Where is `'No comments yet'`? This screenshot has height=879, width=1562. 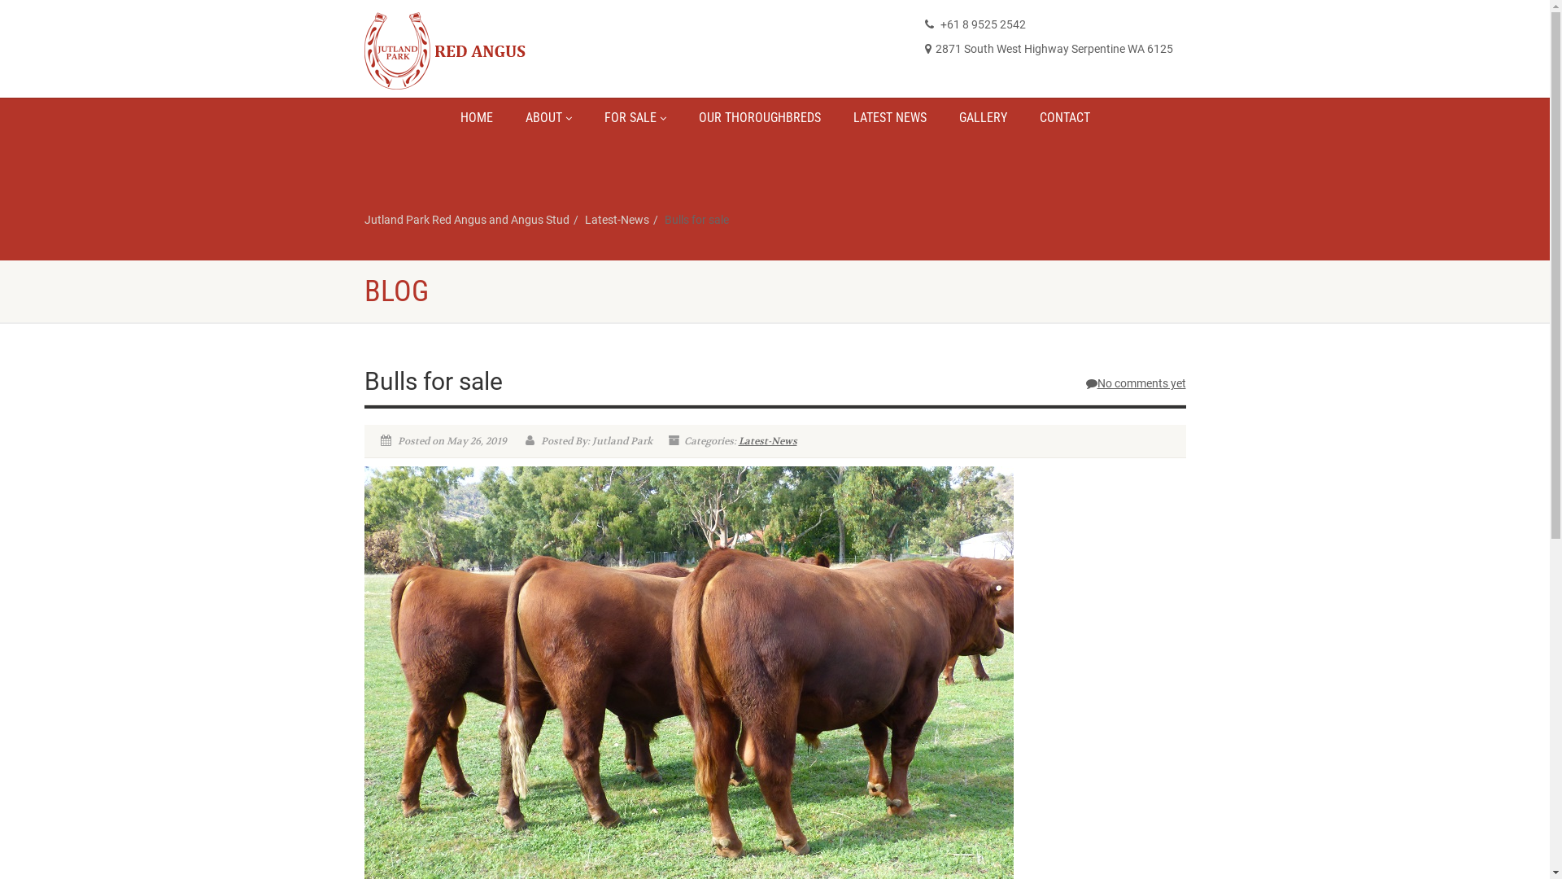
'No comments yet' is located at coordinates (1134, 383).